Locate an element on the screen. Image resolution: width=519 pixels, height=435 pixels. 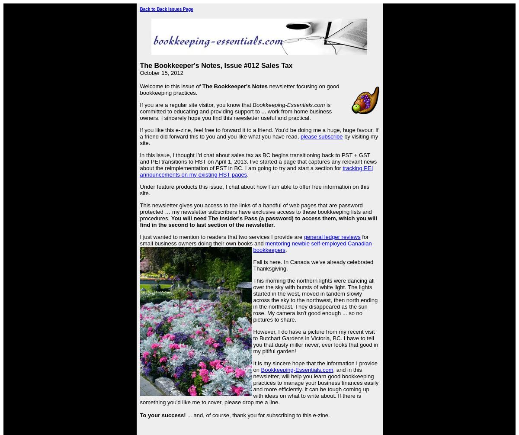
'In this issue, I thought I'd chat about sales tax as BC begins transitioning back to PST + GST and PEI transitions to HST on April 1, 2013. I've started a page that captures any relevant news about the reimplementation of PST in BC. I am going to try and start a section for' is located at coordinates (140, 161).